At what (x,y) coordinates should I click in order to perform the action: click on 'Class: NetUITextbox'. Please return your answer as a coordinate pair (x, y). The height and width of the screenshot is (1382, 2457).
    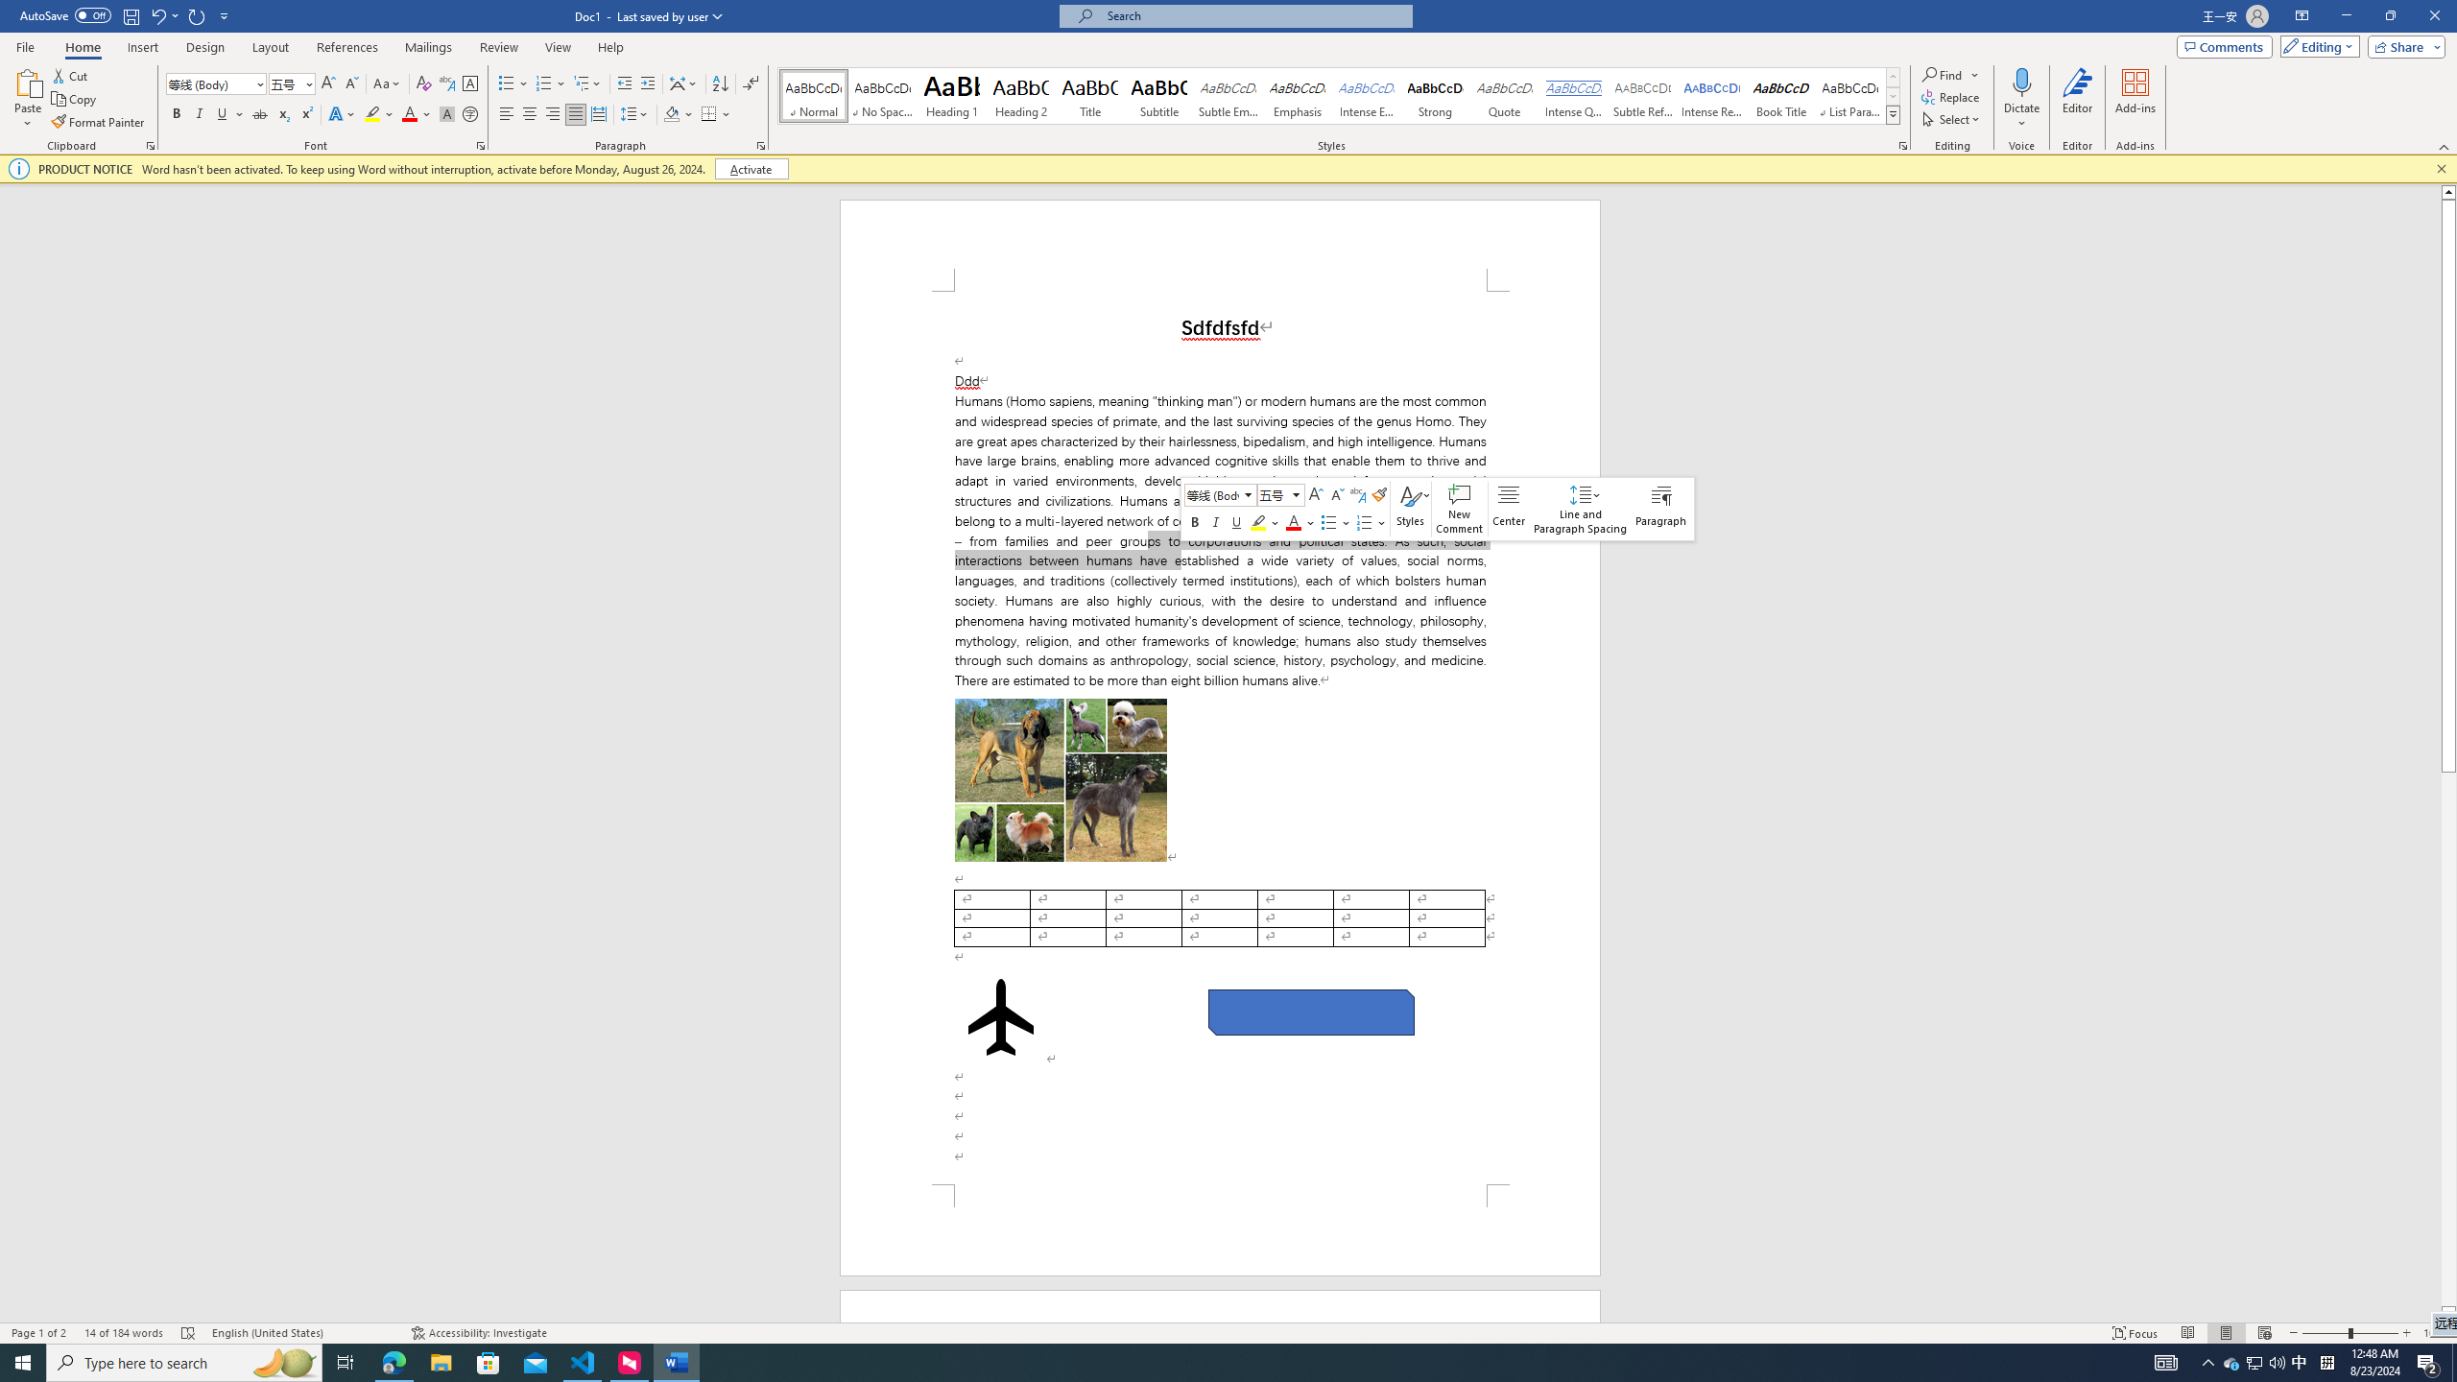
    Looking at the image, I should click on (1272, 493).